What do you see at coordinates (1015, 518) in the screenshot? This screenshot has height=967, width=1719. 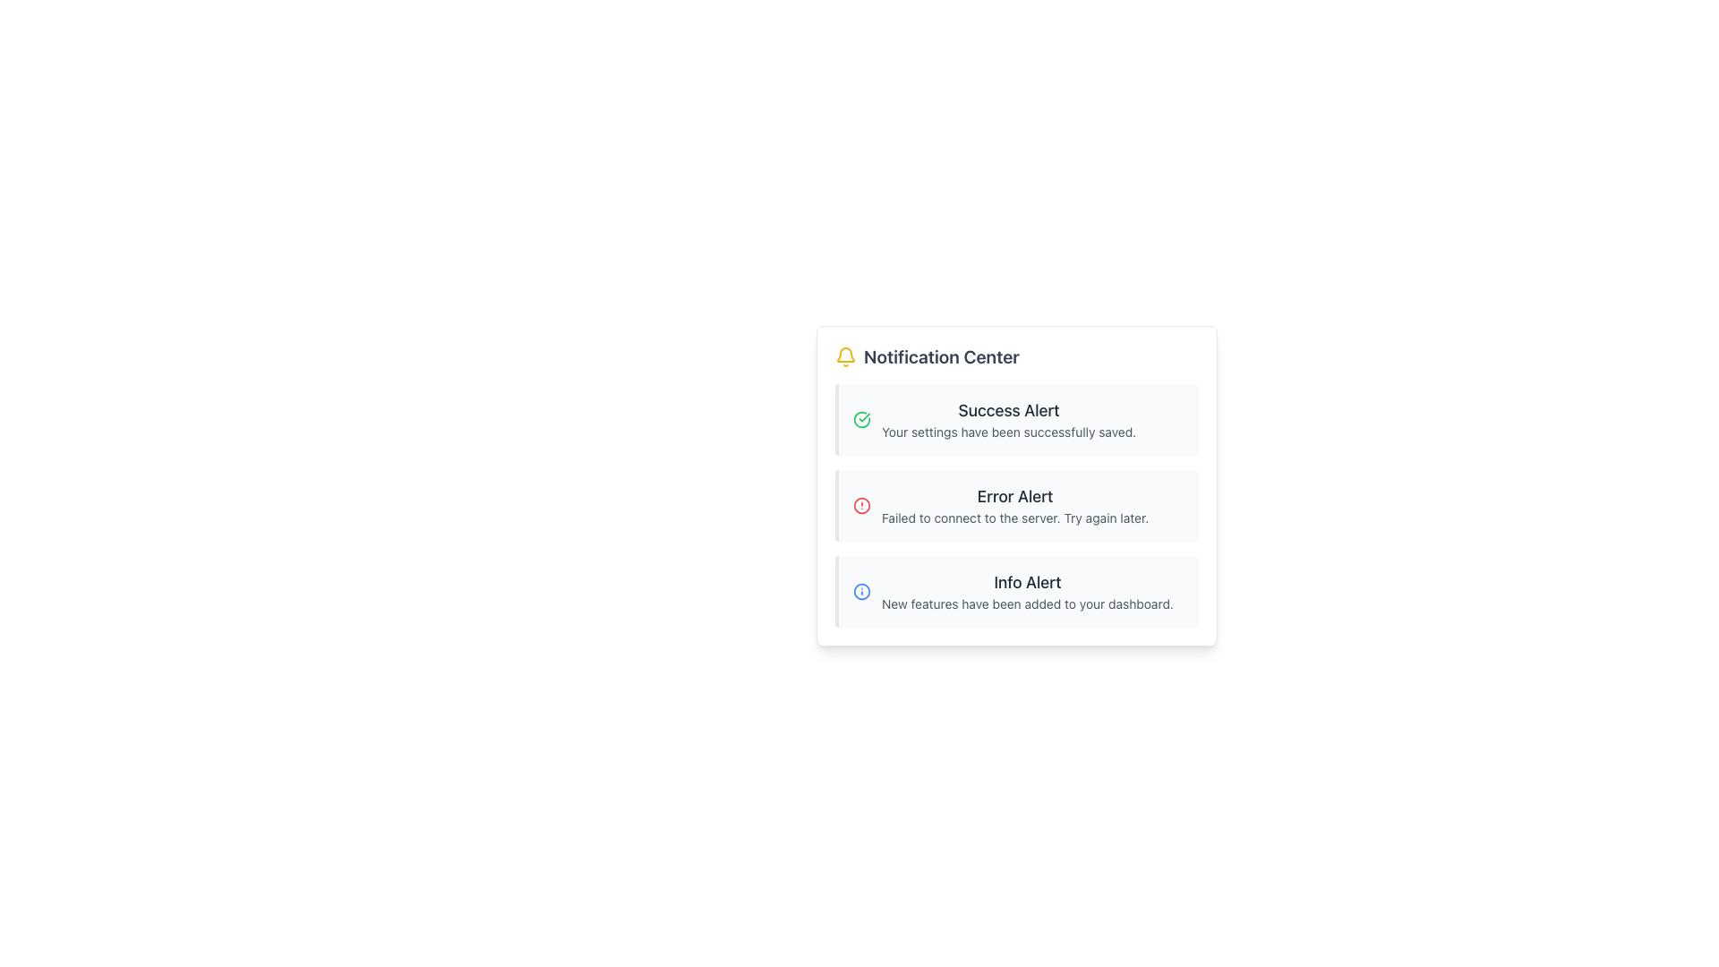 I see `error message displayed in the text label stating 'Failed to connect to the server. Try again later.' which is located beneath the 'Error Alert' header in the notification UI` at bounding box center [1015, 518].